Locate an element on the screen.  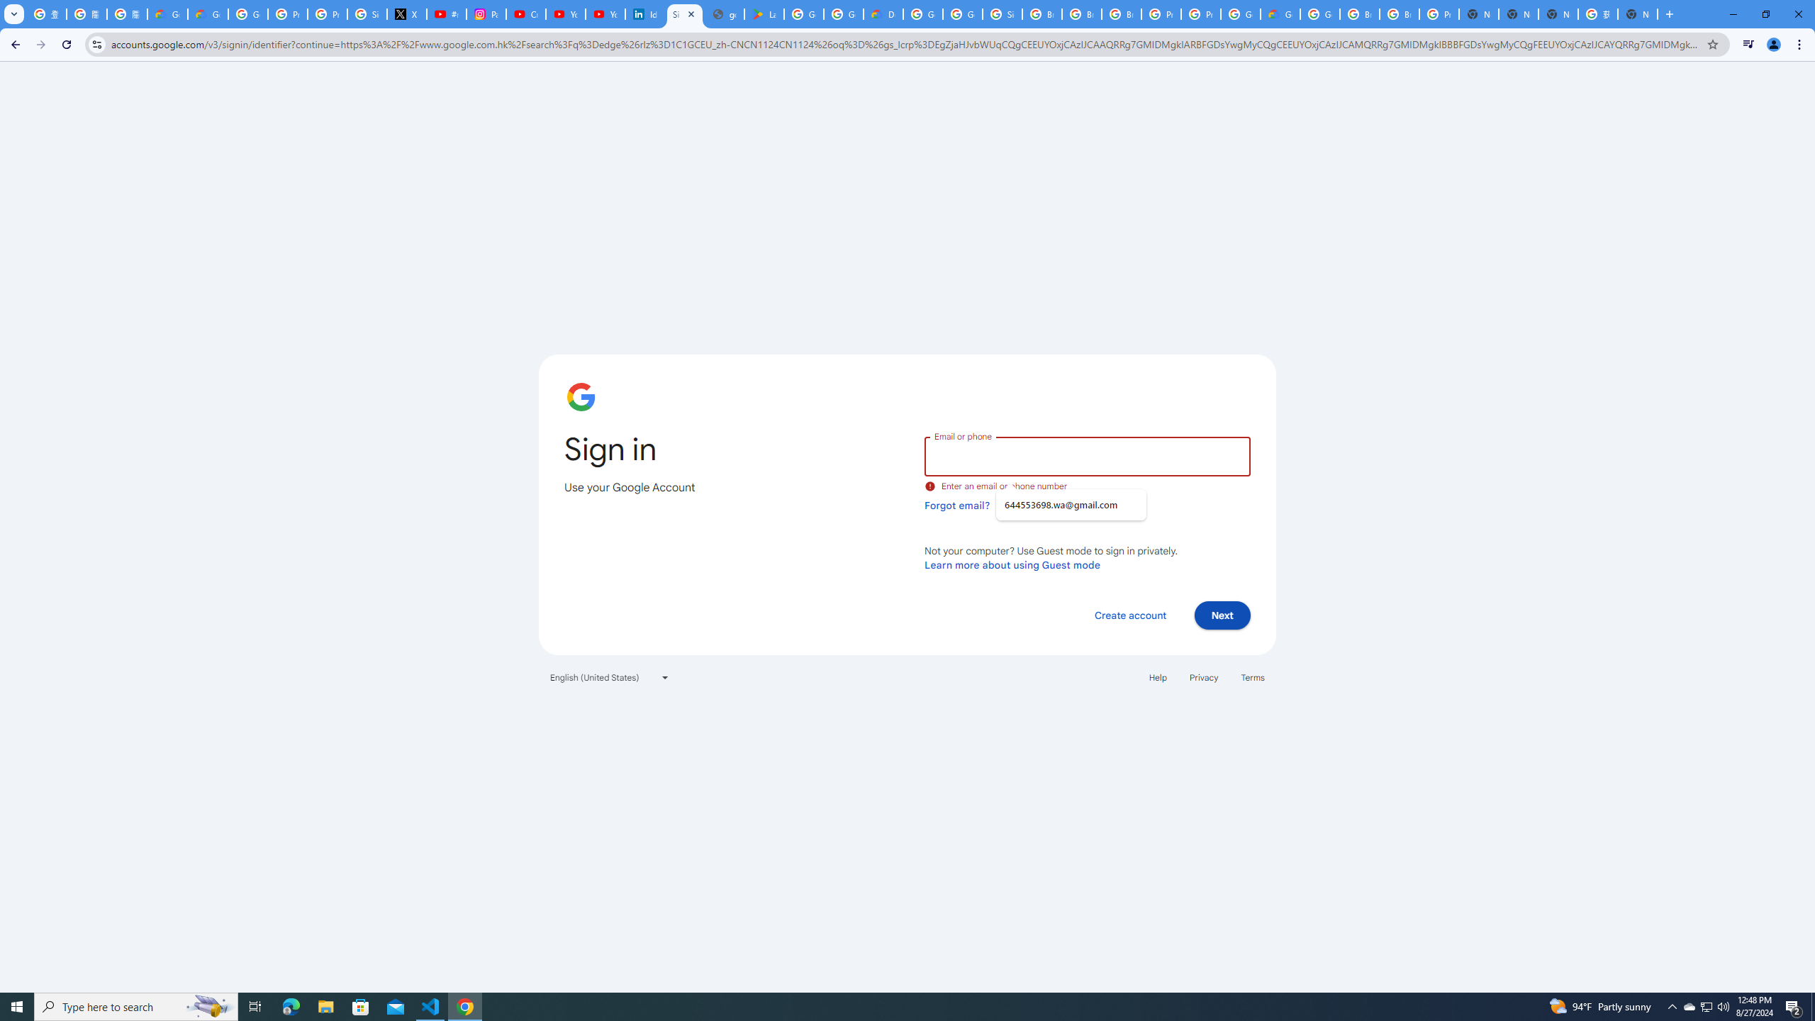
'Browse Chrome as a guest - Computer - Google Chrome Help' is located at coordinates (1359, 13).